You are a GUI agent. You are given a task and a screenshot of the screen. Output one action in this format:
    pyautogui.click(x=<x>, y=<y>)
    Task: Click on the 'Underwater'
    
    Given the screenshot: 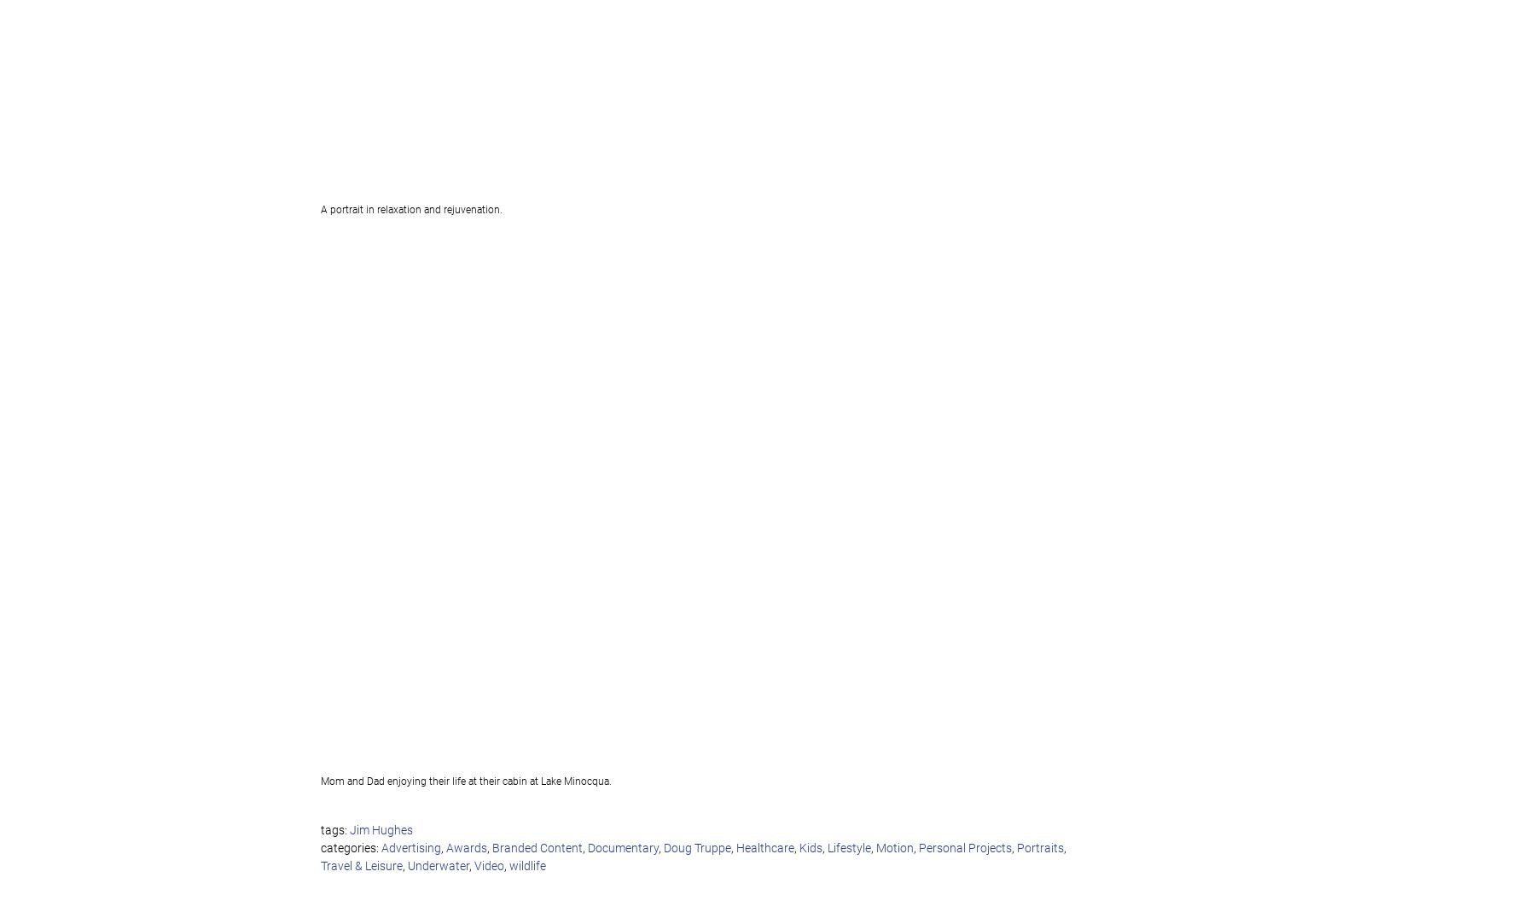 What is the action you would take?
    pyautogui.click(x=439, y=864)
    